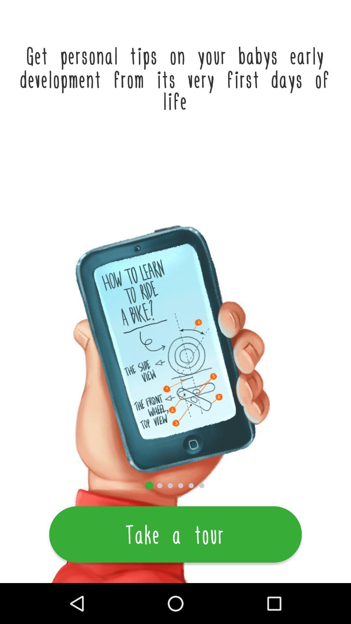 This screenshot has width=351, height=624. What do you see at coordinates (175, 534) in the screenshot?
I see `the take a tour icon` at bounding box center [175, 534].